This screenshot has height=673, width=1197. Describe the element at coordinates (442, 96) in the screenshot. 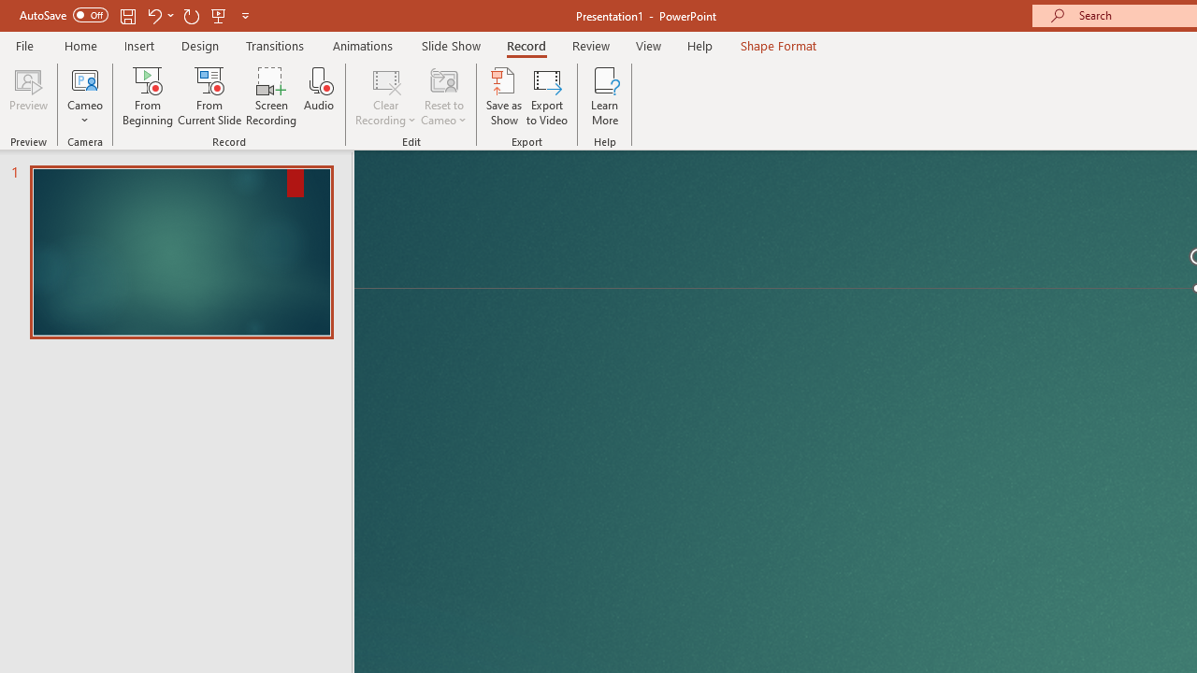

I see `'Reset to Cameo'` at that location.